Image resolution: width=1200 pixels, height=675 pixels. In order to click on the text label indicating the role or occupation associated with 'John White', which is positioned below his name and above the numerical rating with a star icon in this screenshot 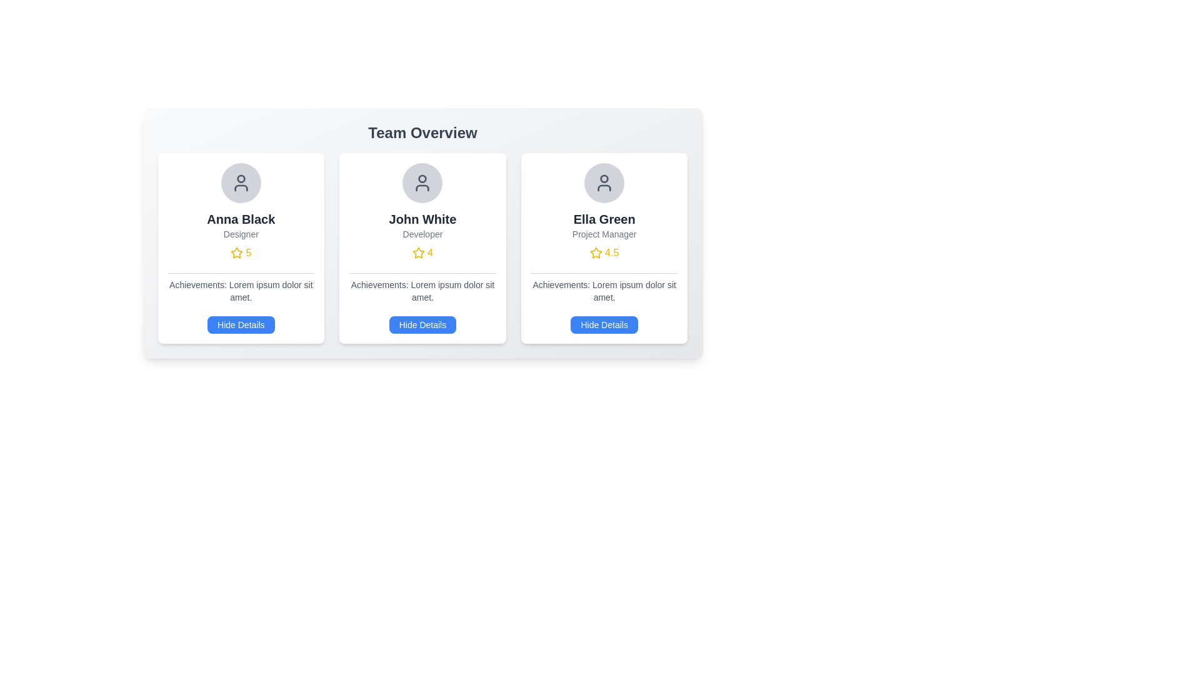, I will do `click(422, 234)`.